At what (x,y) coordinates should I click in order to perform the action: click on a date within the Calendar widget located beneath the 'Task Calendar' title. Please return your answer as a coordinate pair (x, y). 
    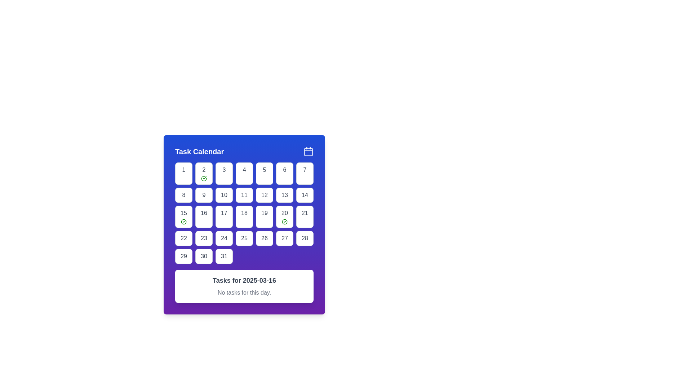
    Looking at the image, I should click on (244, 224).